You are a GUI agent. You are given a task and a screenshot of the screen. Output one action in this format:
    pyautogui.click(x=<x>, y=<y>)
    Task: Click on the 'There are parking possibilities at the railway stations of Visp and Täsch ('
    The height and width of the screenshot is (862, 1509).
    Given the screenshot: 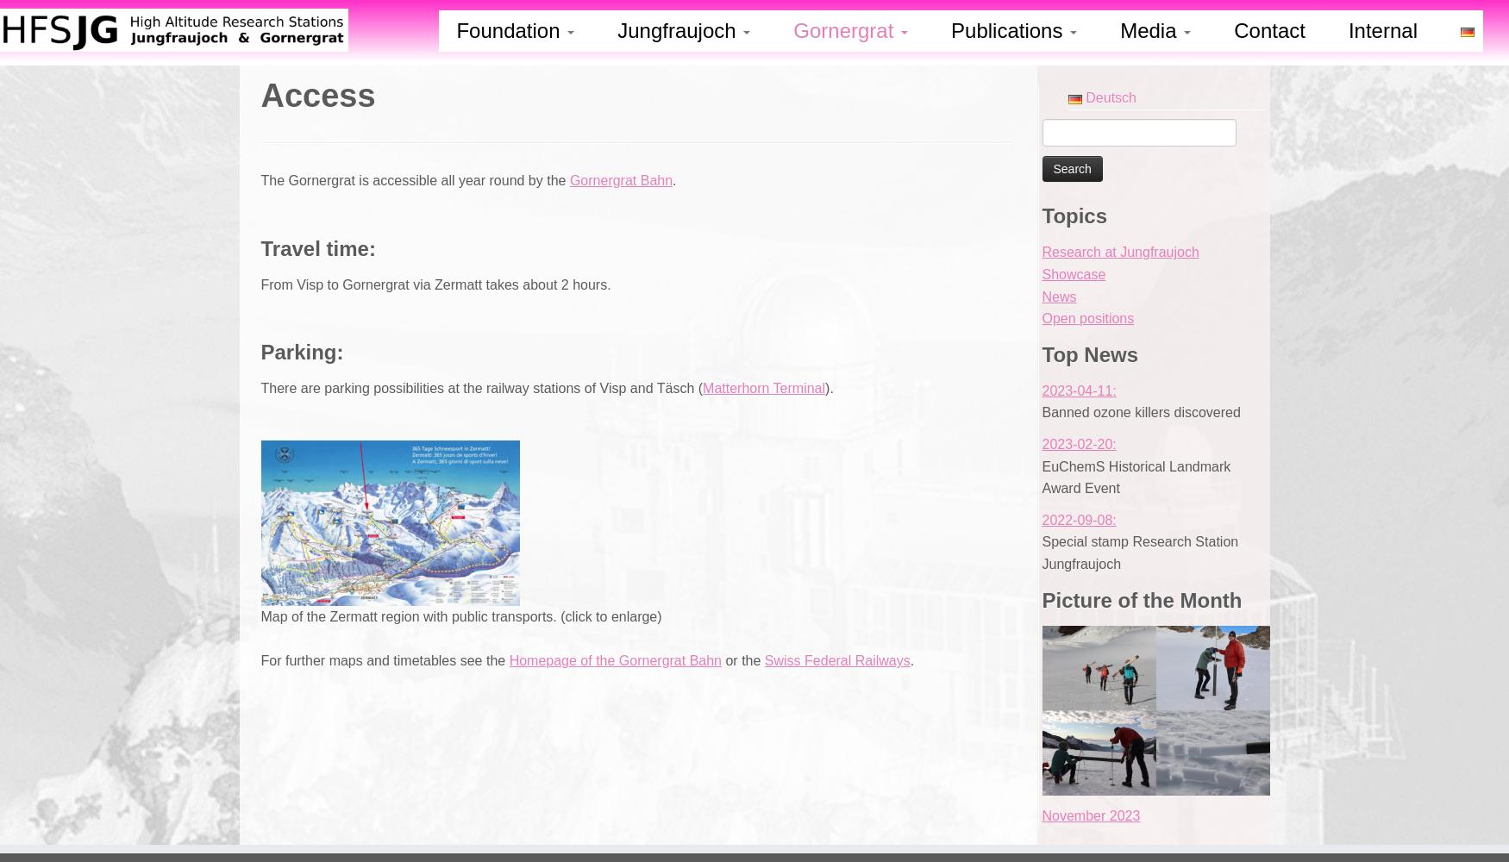 What is the action you would take?
    pyautogui.click(x=480, y=386)
    